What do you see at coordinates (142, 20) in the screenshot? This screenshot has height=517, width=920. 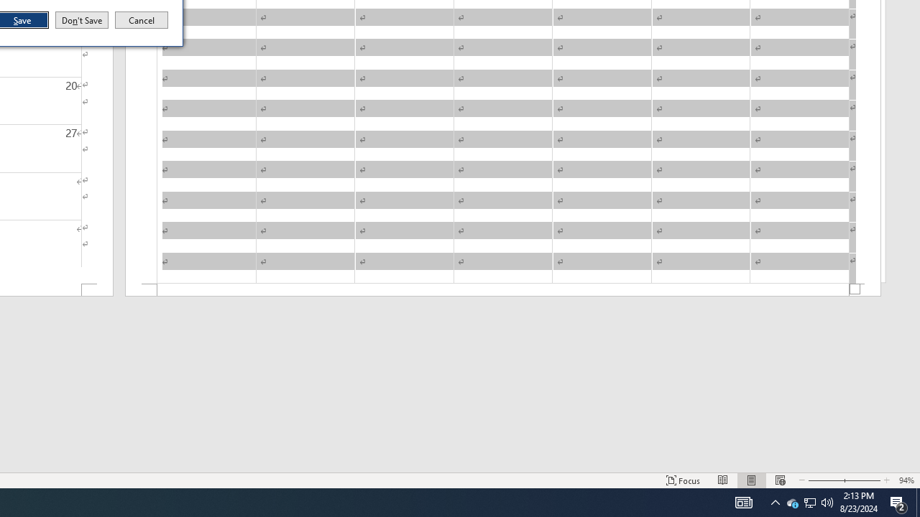 I see `'Cancel'` at bounding box center [142, 20].